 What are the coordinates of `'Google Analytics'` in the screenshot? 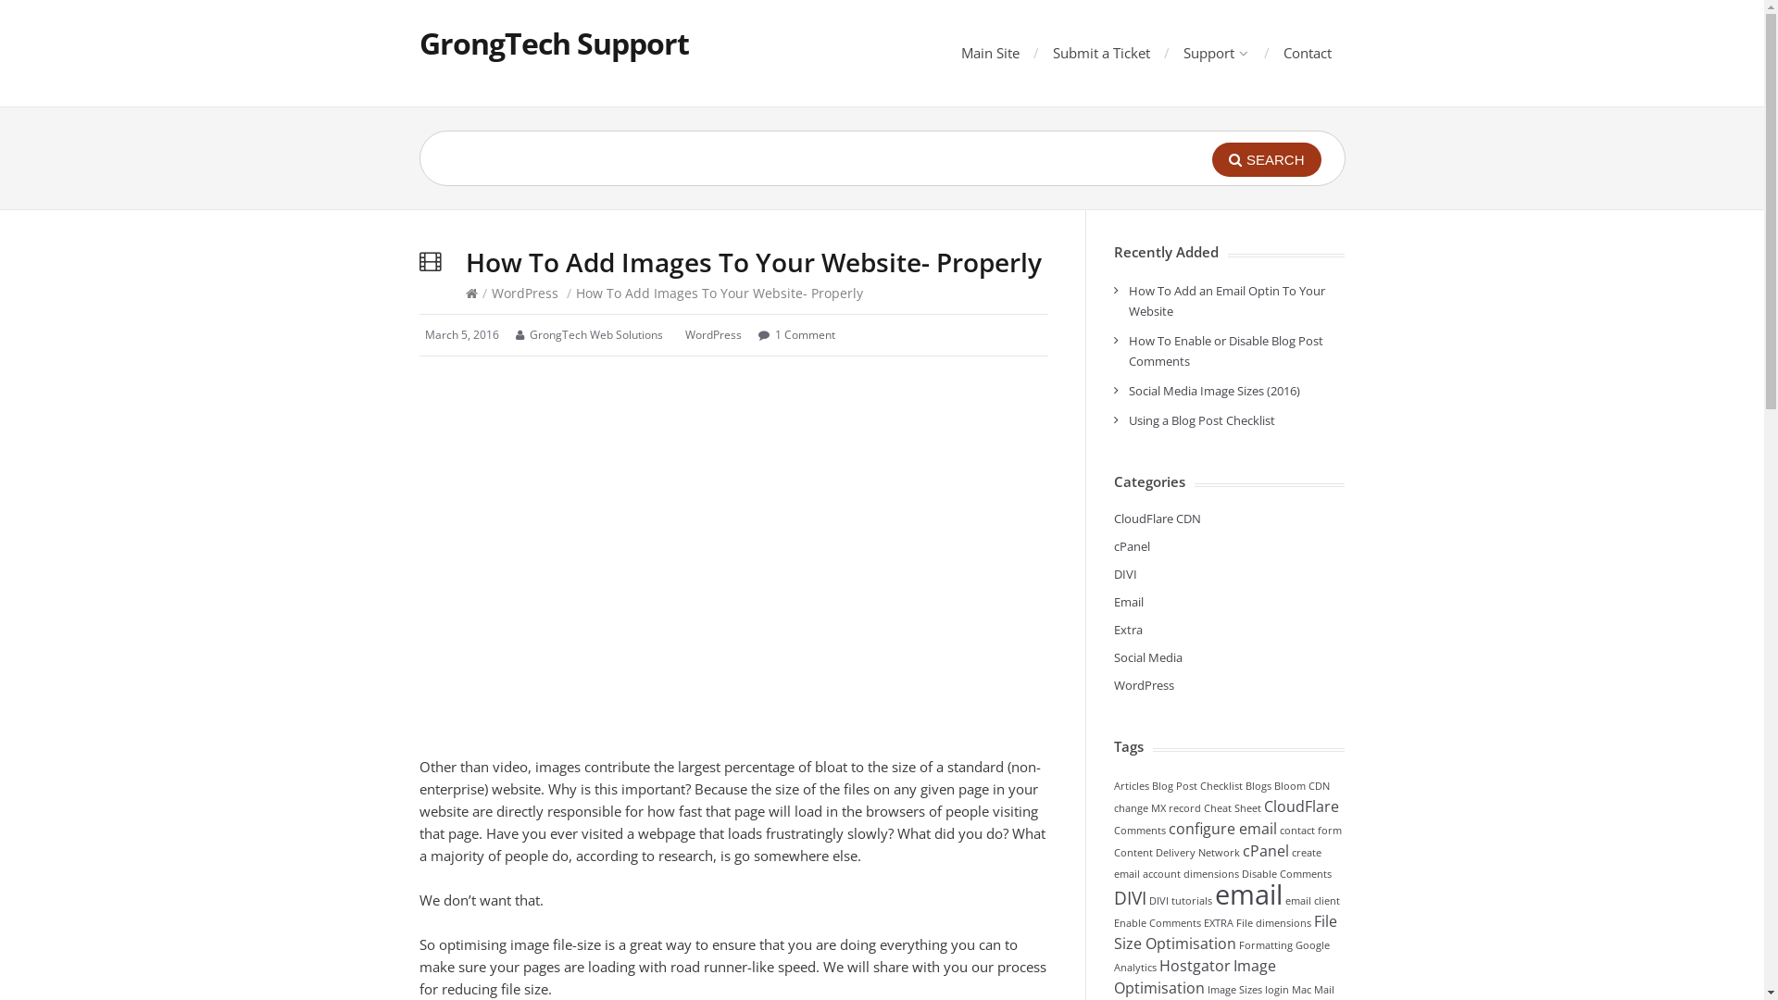 It's located at (1221, 956).